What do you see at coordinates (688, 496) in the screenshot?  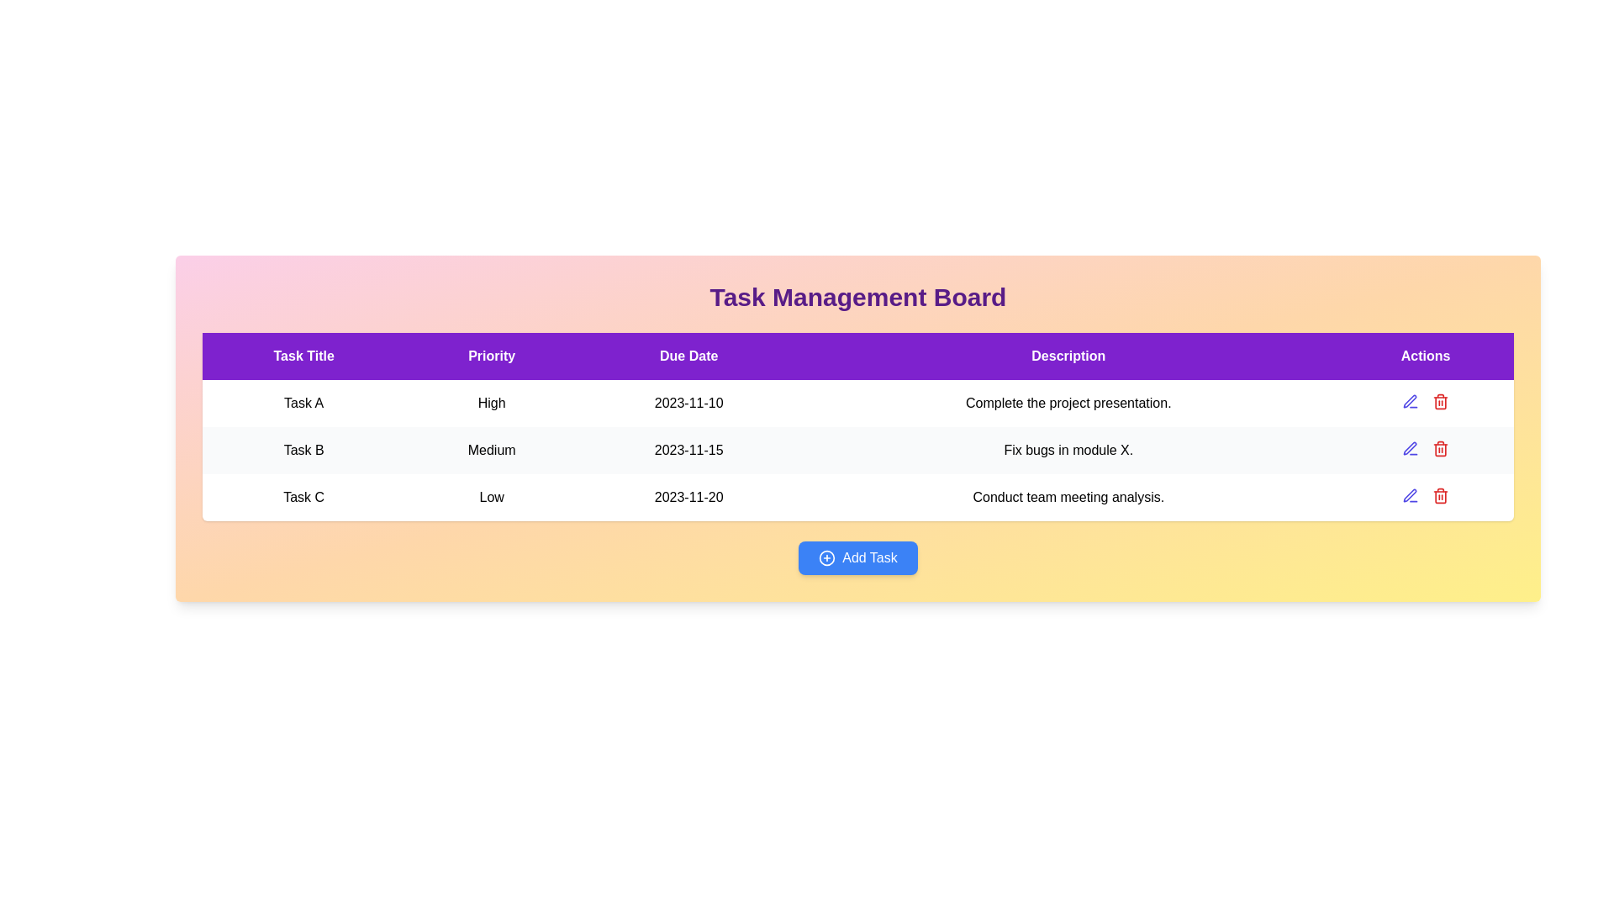 I see `the content of the text label displaying the date '2023-11-20' in the 'Due Date' column of the task titled 'Task C'` at bounding box center [688, 496].